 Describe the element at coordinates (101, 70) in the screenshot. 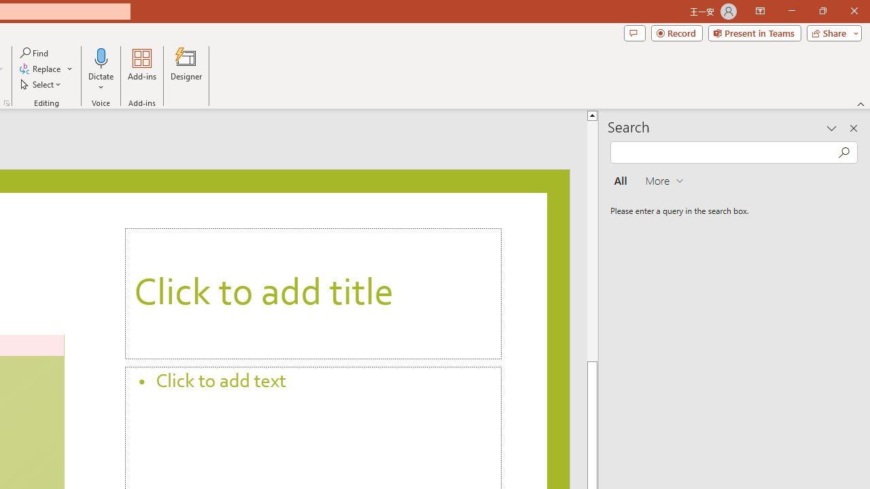

I see `'Dictate'` at that location.